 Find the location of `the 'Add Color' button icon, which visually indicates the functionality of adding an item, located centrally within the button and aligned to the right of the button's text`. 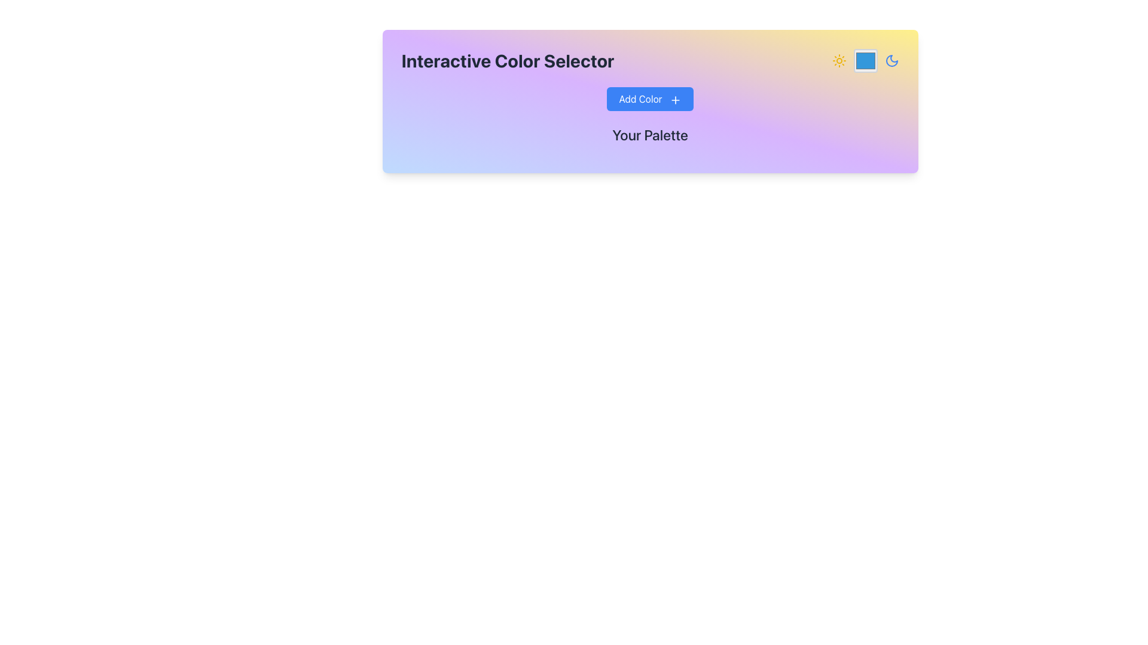

the 'Add Color' button icon, which visually indicates the functionality of adding an item, located centrally within the button and aligned to the right of the button's text is located at coordinates (675, 99).